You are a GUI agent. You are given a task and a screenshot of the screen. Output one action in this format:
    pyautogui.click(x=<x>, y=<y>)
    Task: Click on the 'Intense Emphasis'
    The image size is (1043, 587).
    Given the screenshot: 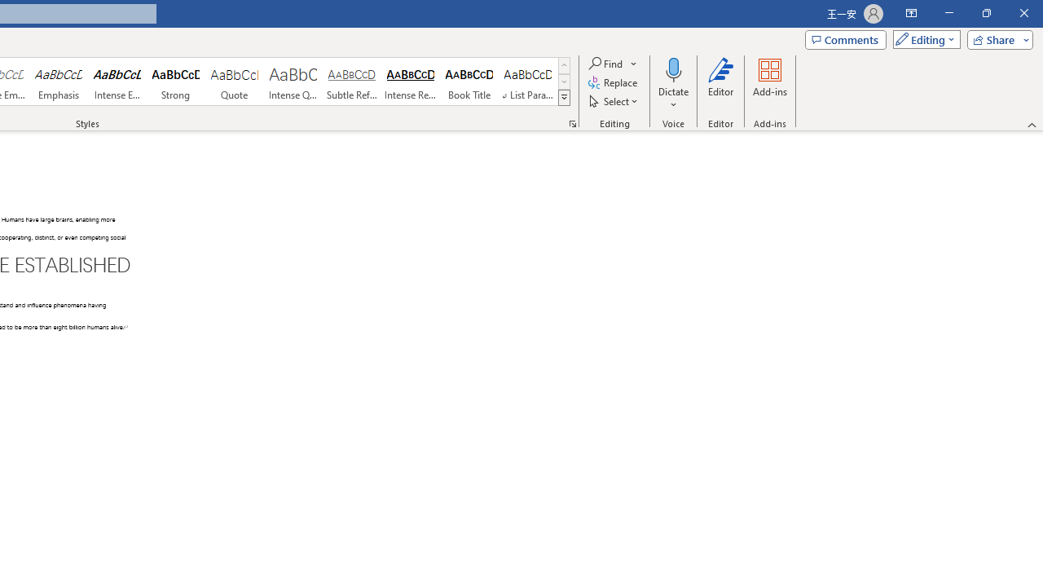 What is the action you would take?
    pyautogui.click(x=117, y=82)
    